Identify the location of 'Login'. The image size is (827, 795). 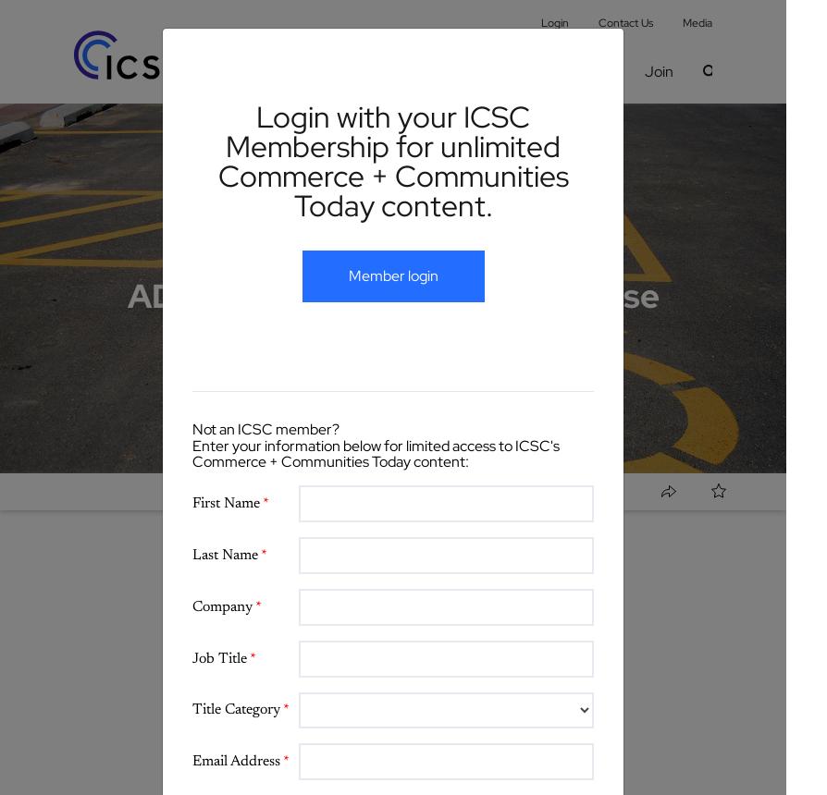
(554, 23).